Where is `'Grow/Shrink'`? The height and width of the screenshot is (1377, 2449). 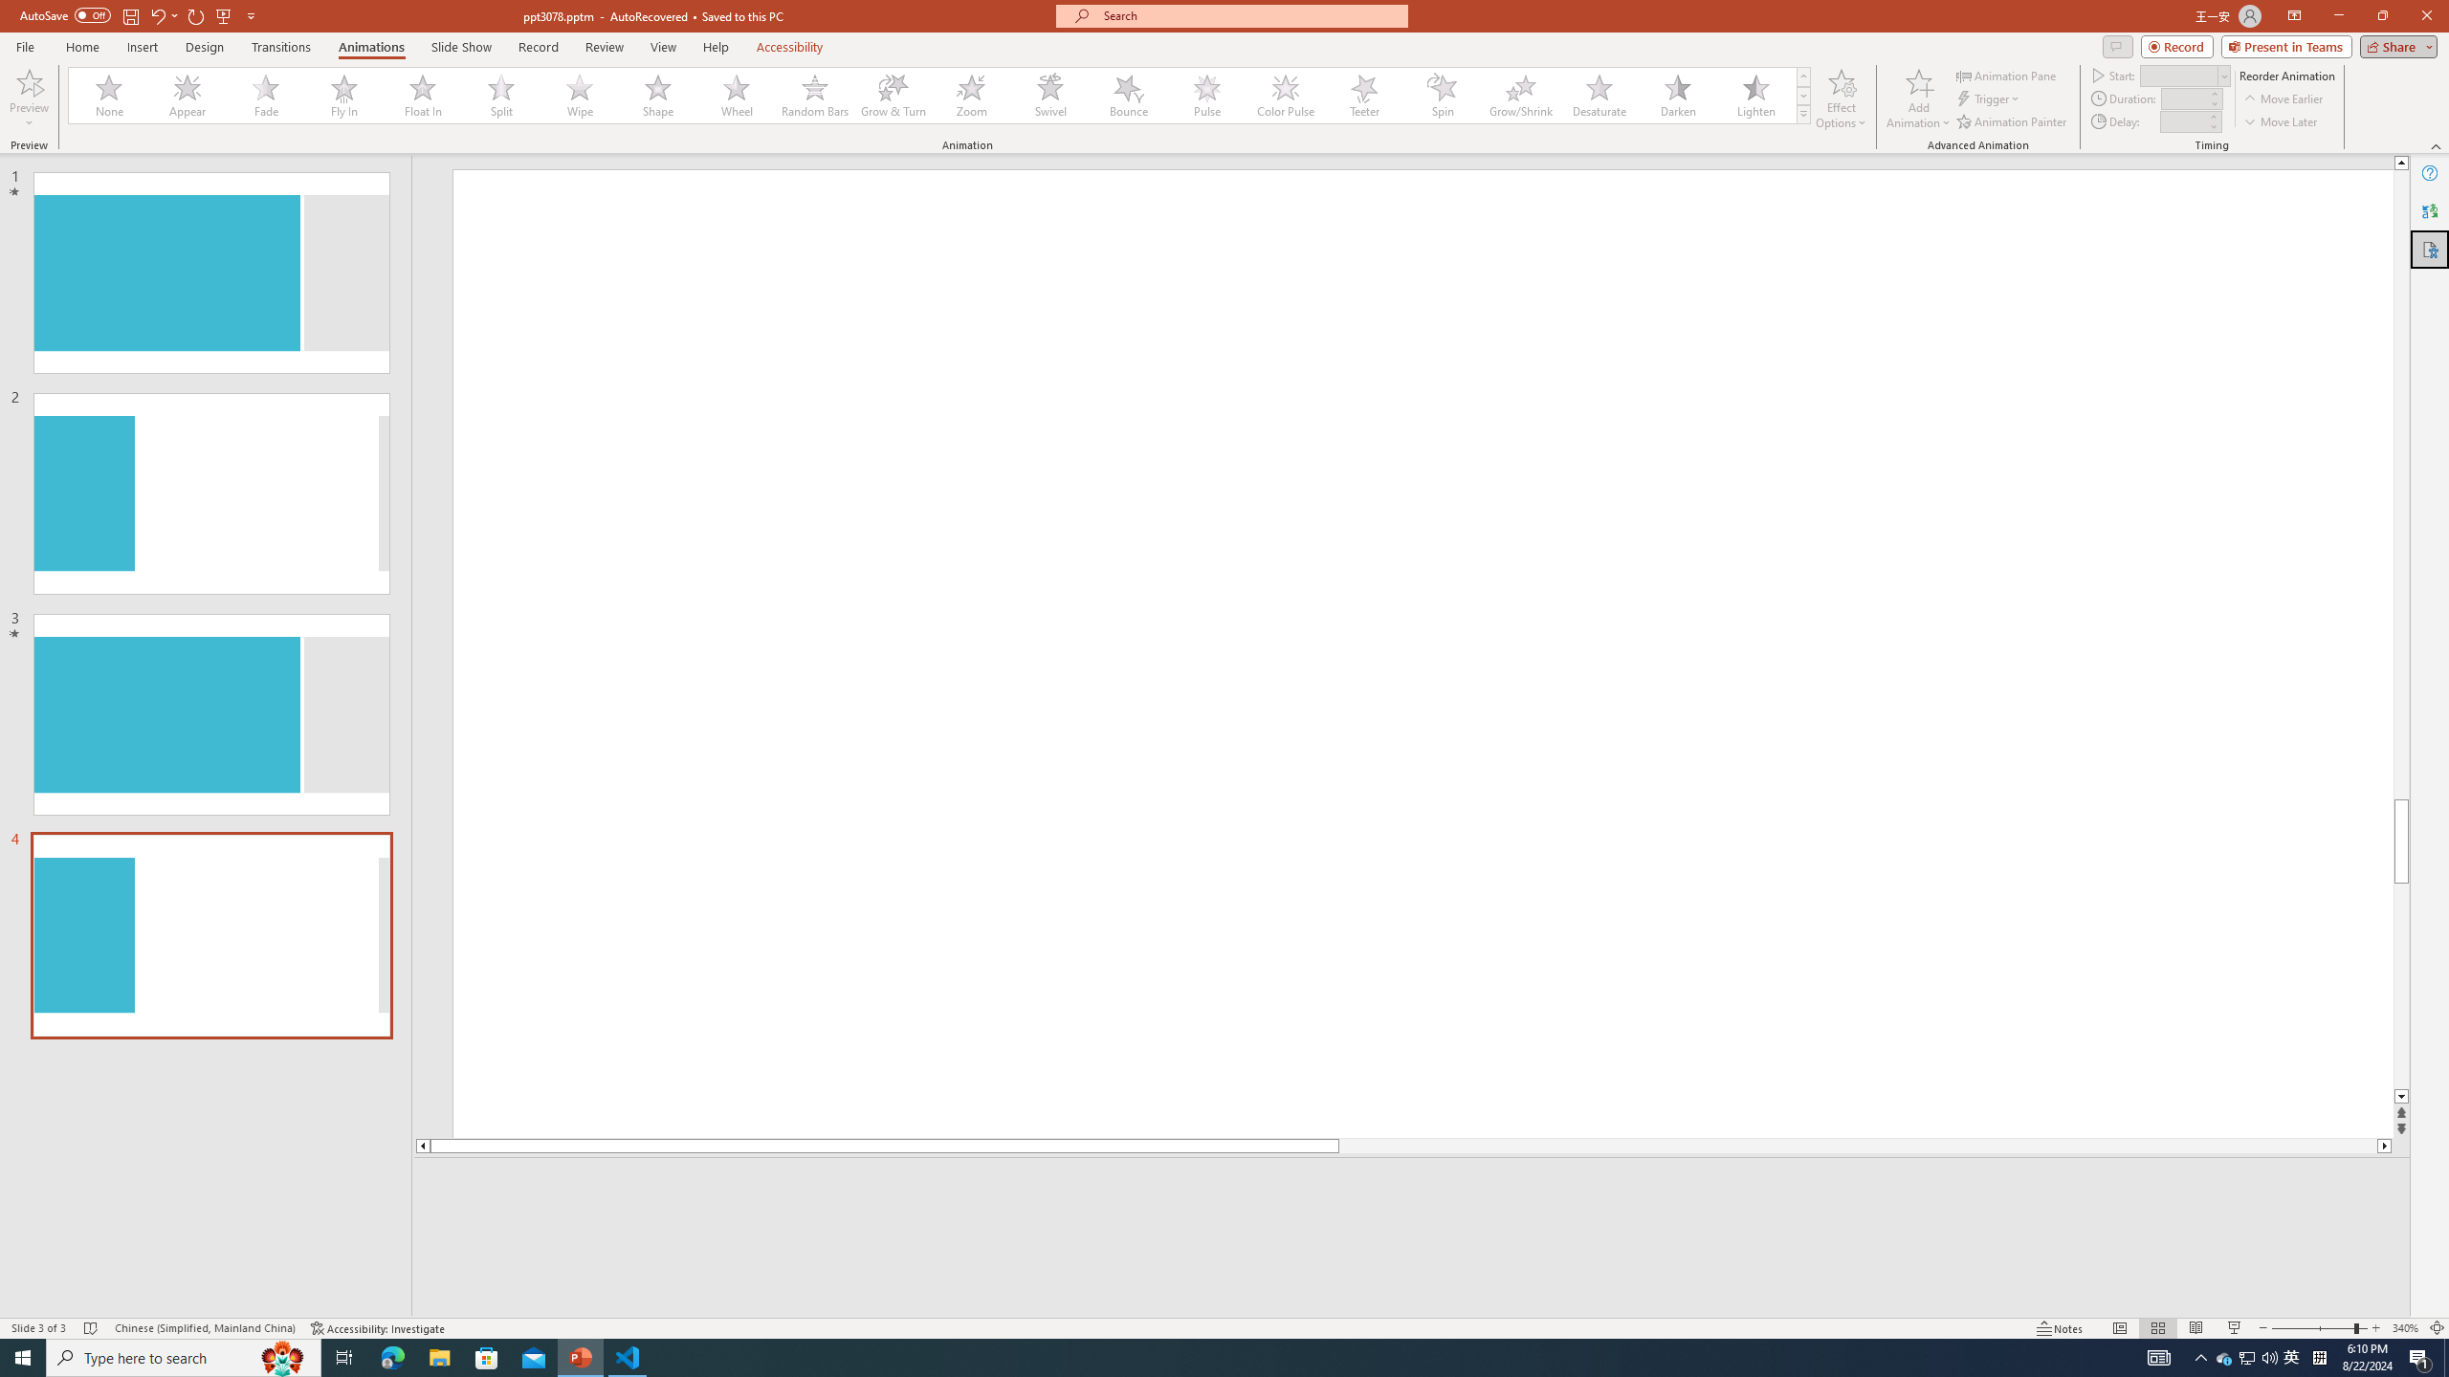 'Grow/Shrink' is located at coordinates (1520, 95).